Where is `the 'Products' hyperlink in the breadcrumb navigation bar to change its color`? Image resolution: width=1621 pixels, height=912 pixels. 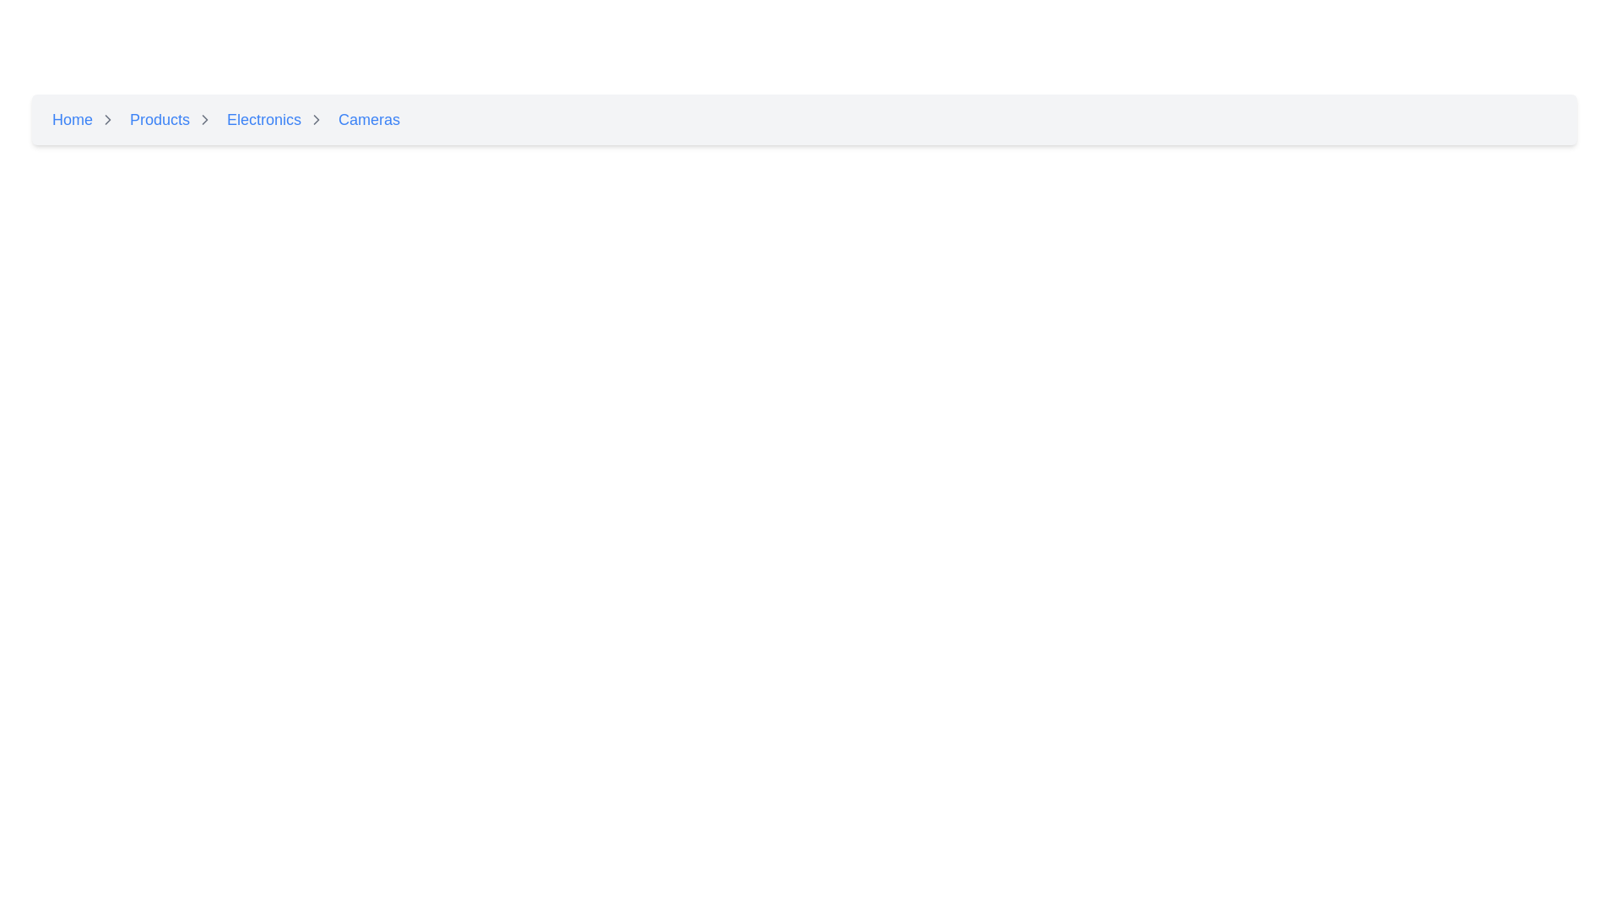 the 'Products' hyperlink in the breadcrumb navigation bar to change its color is located at coordinates (160, 119).